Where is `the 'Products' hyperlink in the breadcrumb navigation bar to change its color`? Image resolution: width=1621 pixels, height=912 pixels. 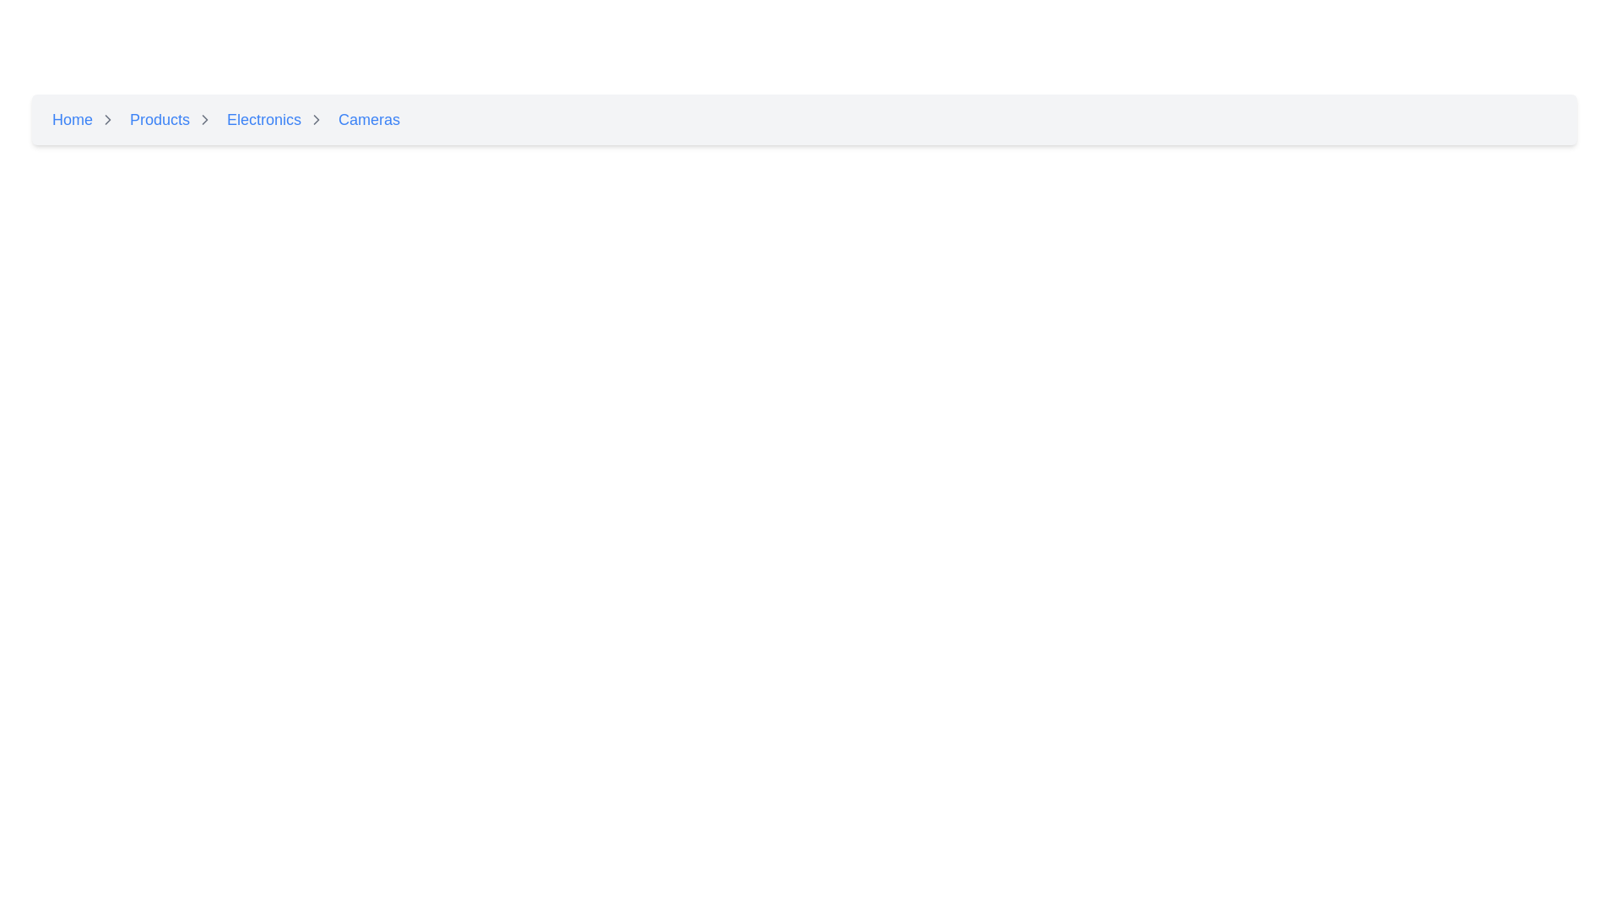 the 'Products' hyperlink in the breadcrumb navigation bar to change its color is located at coordinates (160, 119).